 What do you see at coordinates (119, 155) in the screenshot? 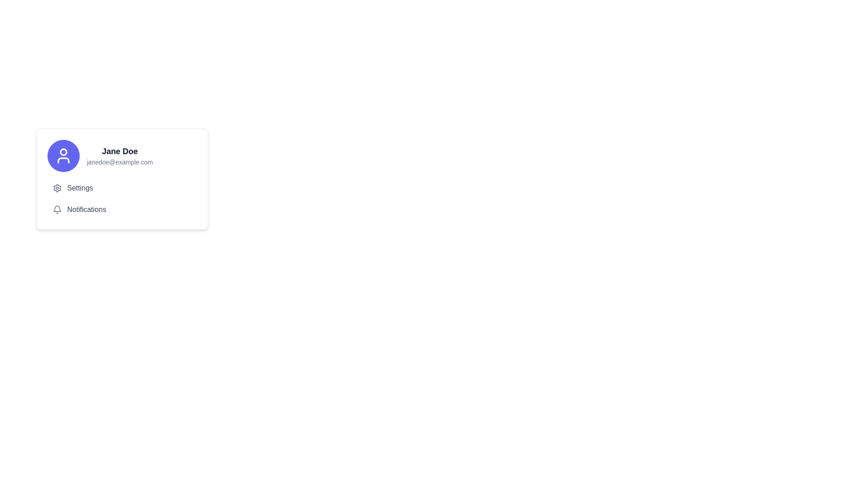
I see `the text display component that shows the user's name and email address, located to the right of a circular icon and above the 'Settings' and 'Notifications' options` at bounding box center [119, 155].